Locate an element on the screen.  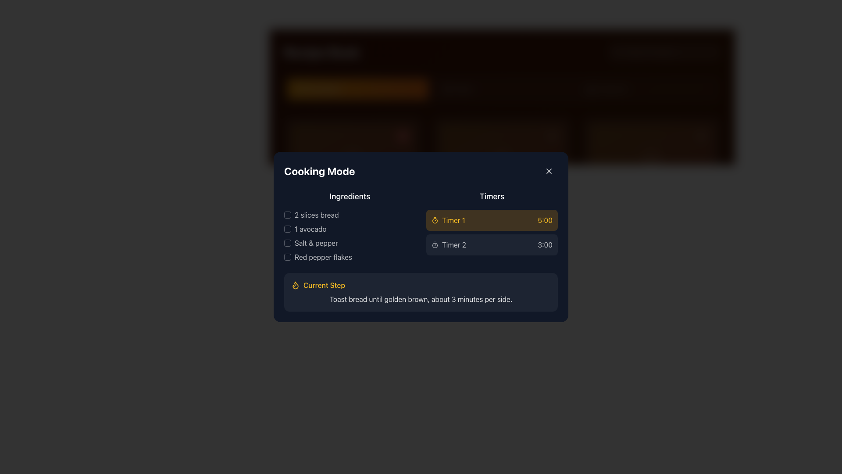
the second list item labeled 'Timer 2' with the time '3:00' in the timer interface is located at coordinates (492, 245).